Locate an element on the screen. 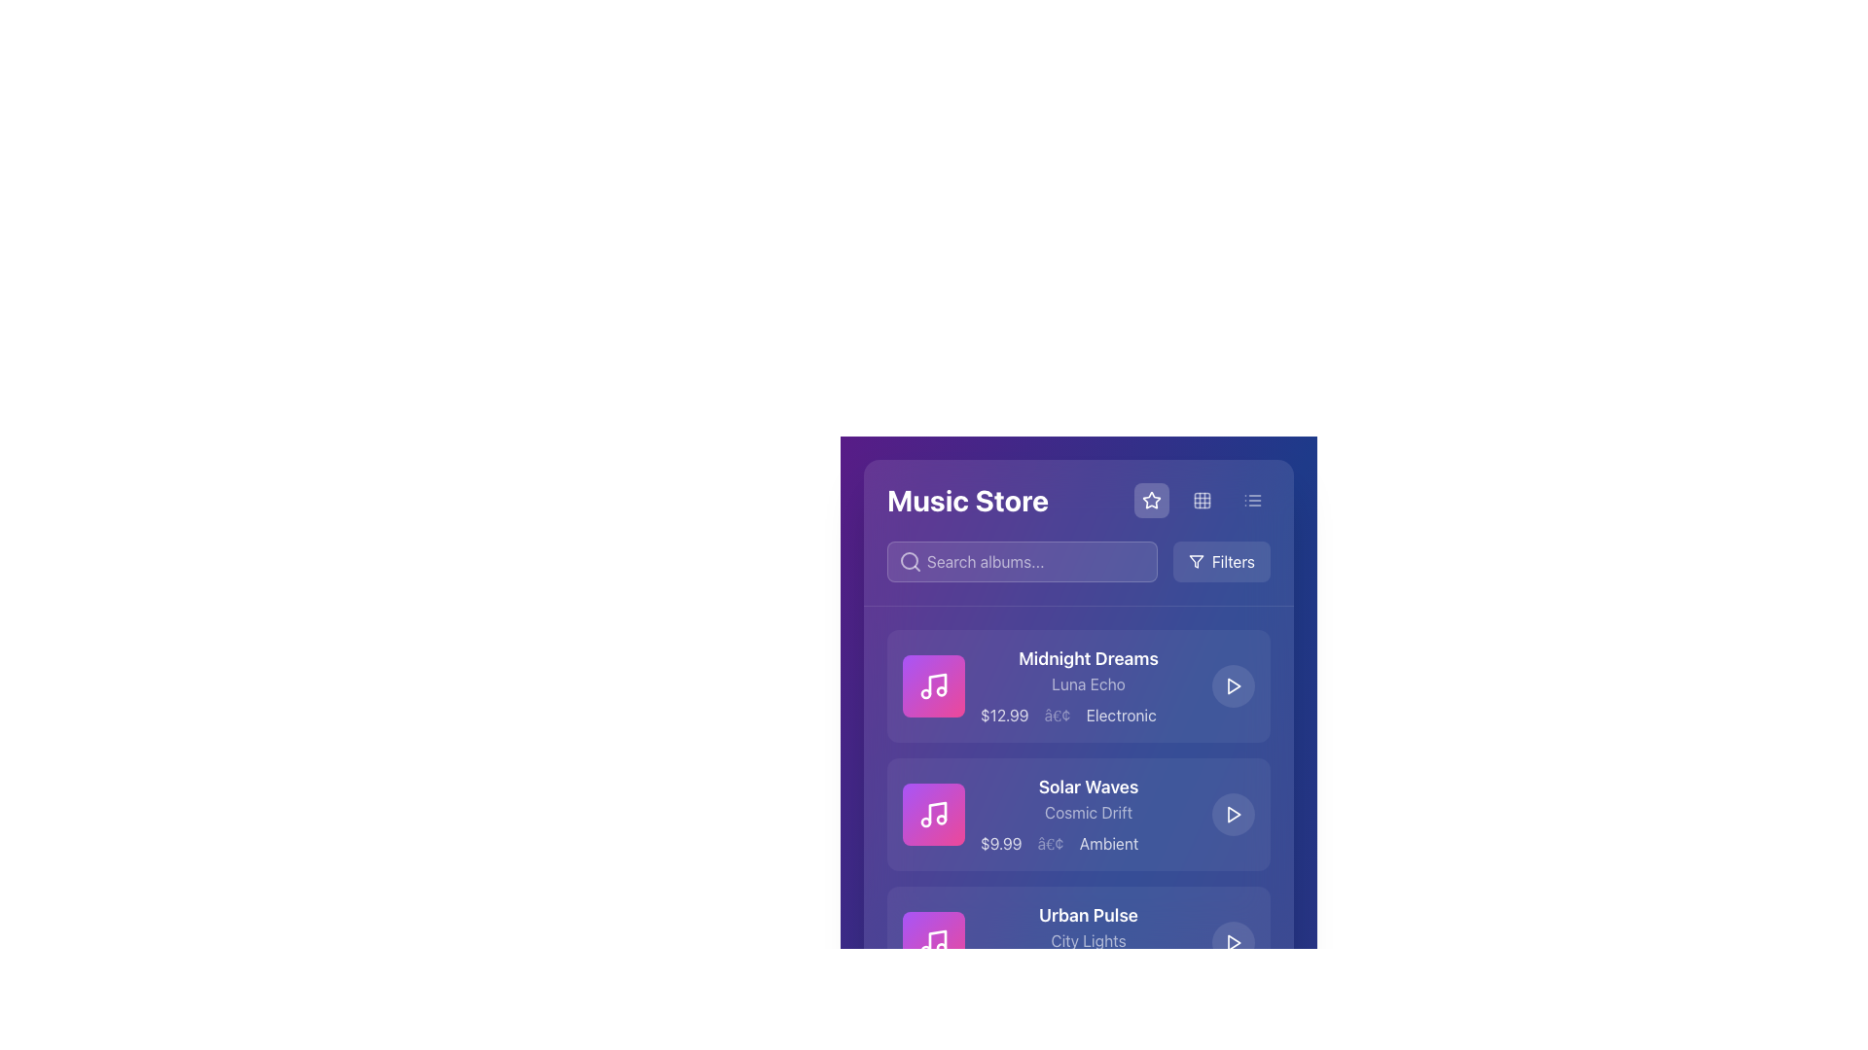 This screenshot has height=1050, width=1868. the 'Play' button icon for the item 'Solar Waves' in the 'Music Store' interface is located at coordinates (1233, 814).